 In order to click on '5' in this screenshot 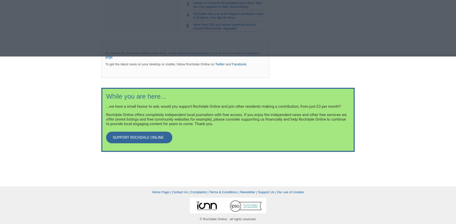, I will do `click(186, 25)`.